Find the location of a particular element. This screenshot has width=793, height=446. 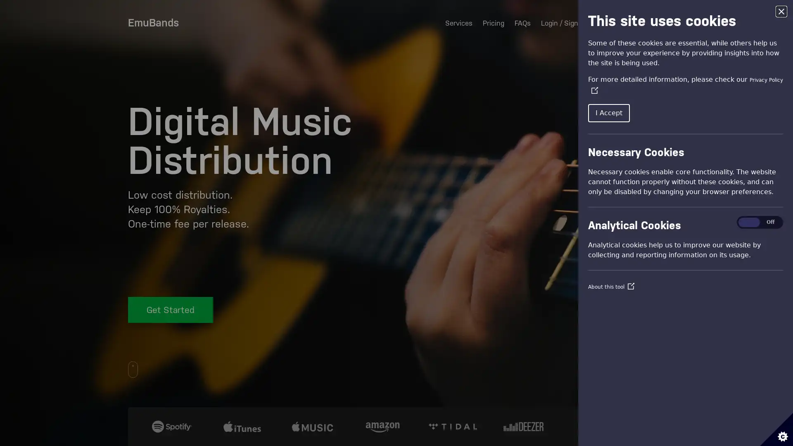

Close is located at coordinates (781, 11).